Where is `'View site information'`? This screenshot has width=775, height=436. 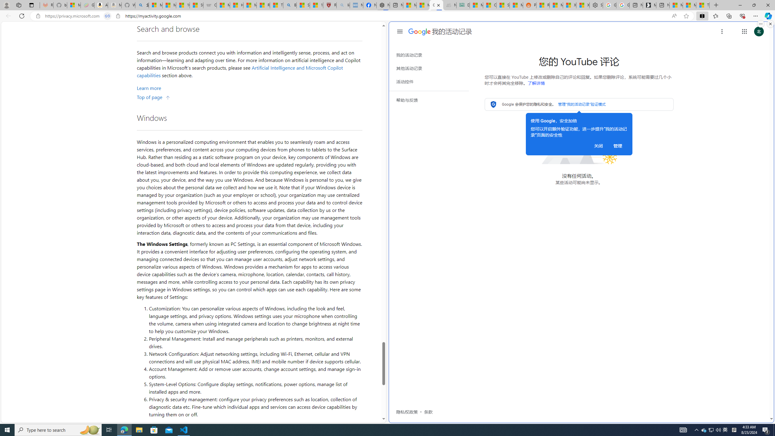 'View site information' is located at coordinates (118, 16).